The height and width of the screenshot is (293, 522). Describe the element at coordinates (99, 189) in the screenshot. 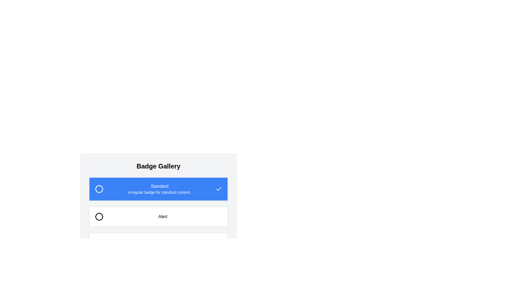

I see `the 'Standard' badge icon located within the blue-colored bar at the top of the list, which is directly above the 'Alert' bar` at that location.